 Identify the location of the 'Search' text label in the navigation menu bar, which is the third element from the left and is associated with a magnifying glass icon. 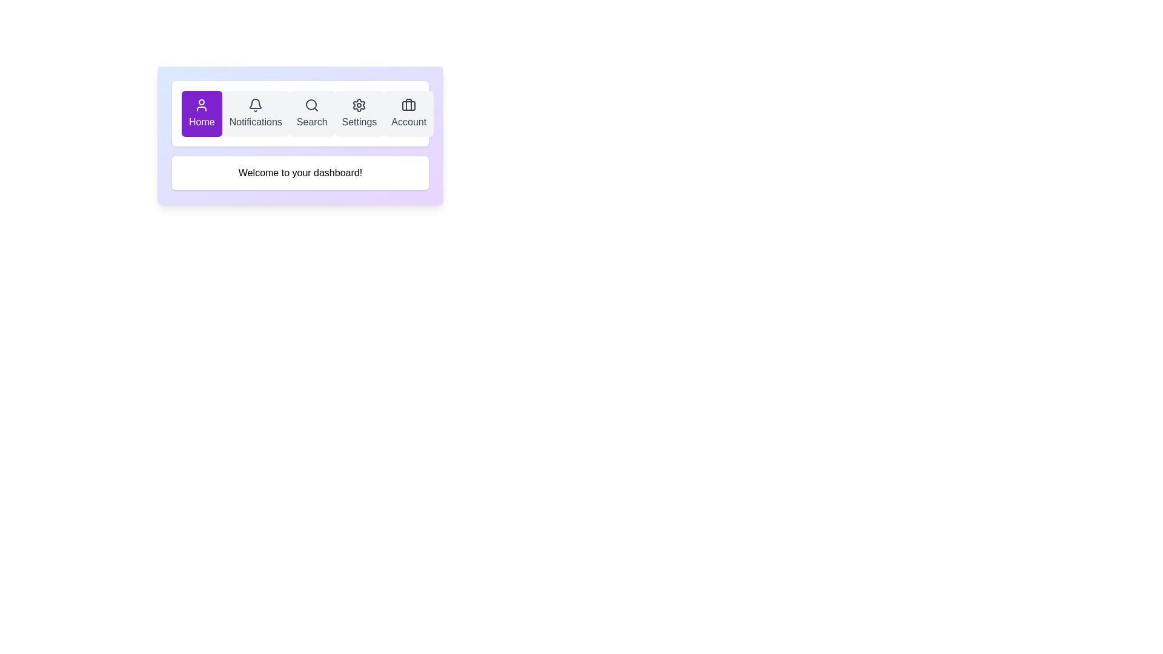
(312, 122).